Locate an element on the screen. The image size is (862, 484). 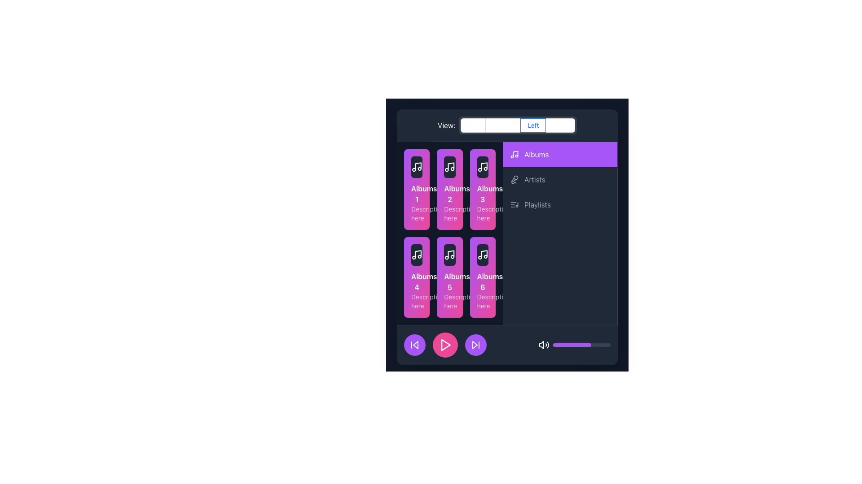
the slider is located at coordinates (562, 345).